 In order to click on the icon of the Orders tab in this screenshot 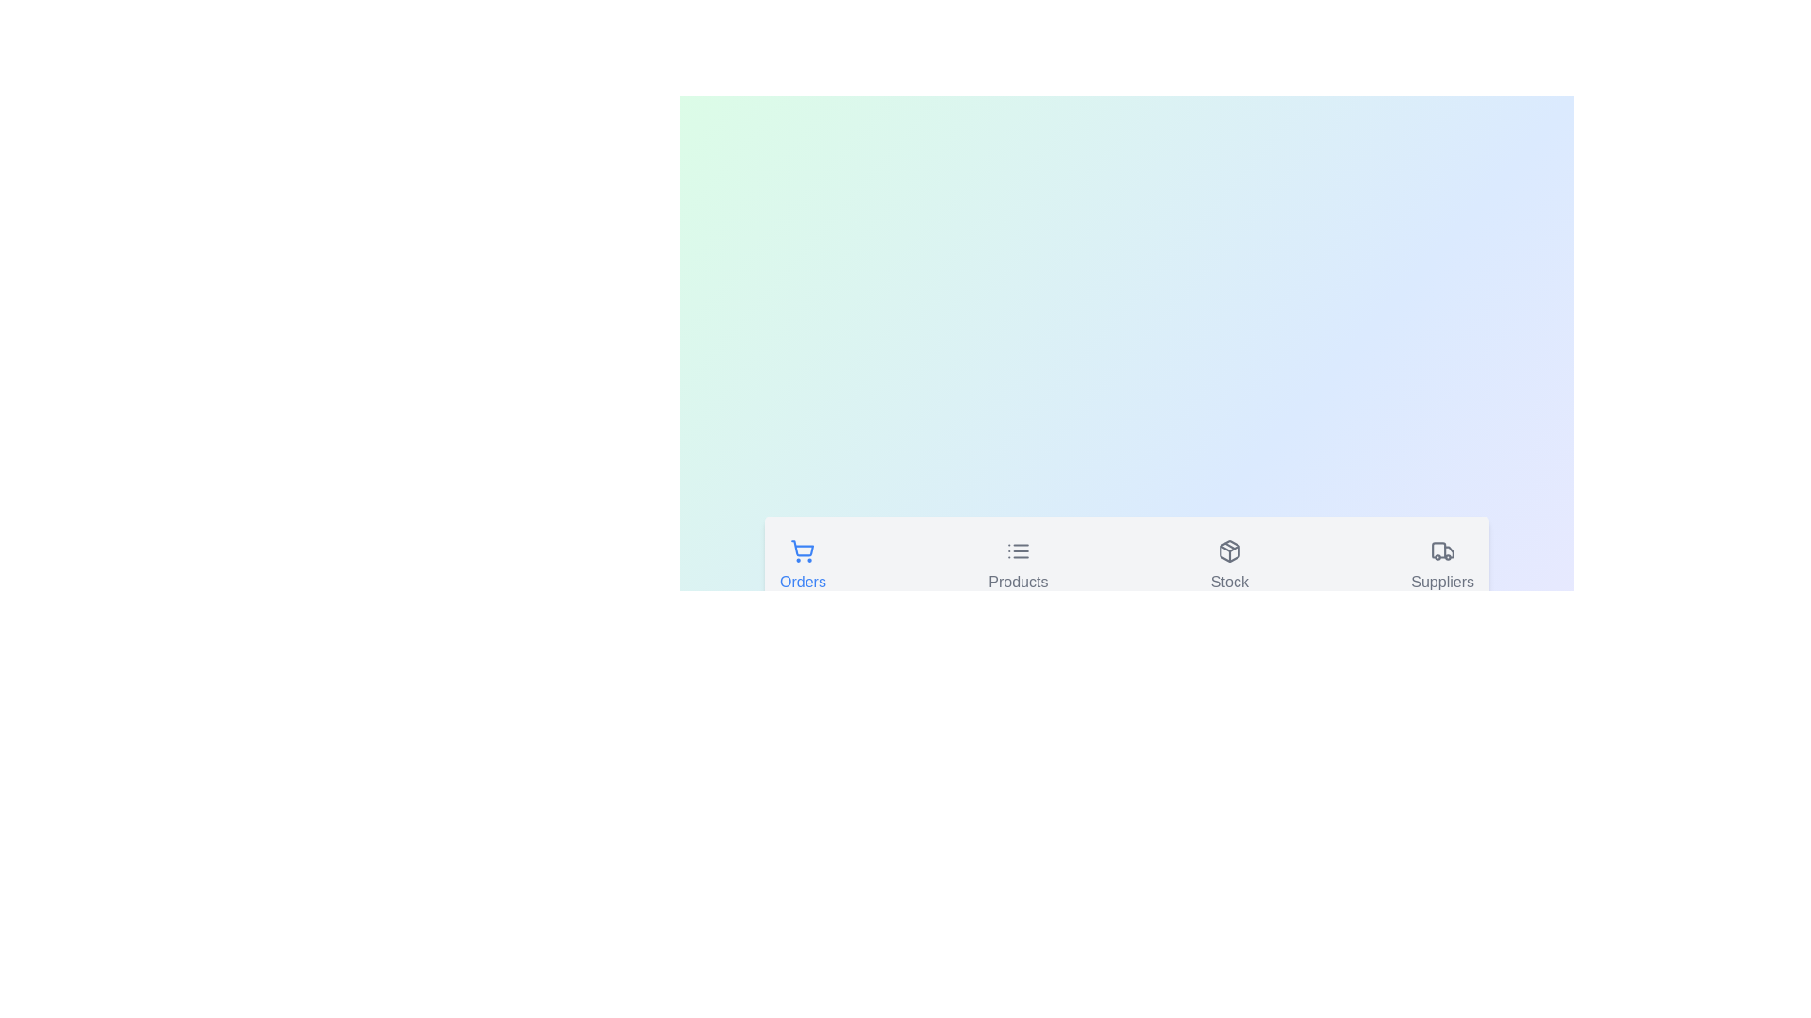, I will do `click(803, 566)`.